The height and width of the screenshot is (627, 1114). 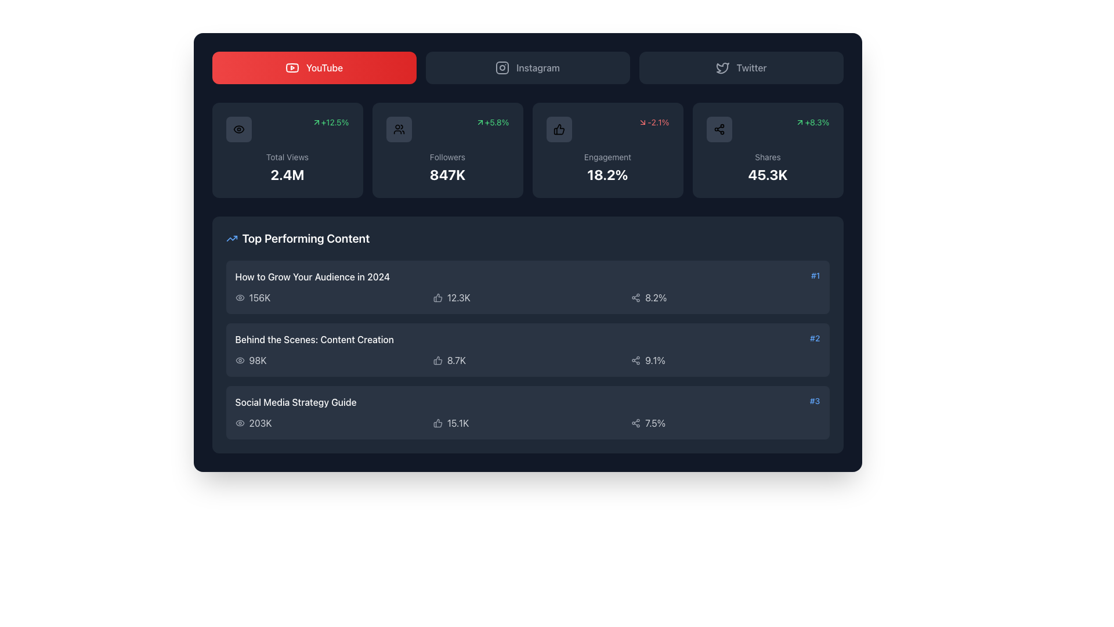 I want to click on the share icon located in the top right part of the 'Shares' card within the dashboard, above the text '45.3K' and next to the small green +8.3% indicator, so click(x=718, y=129).